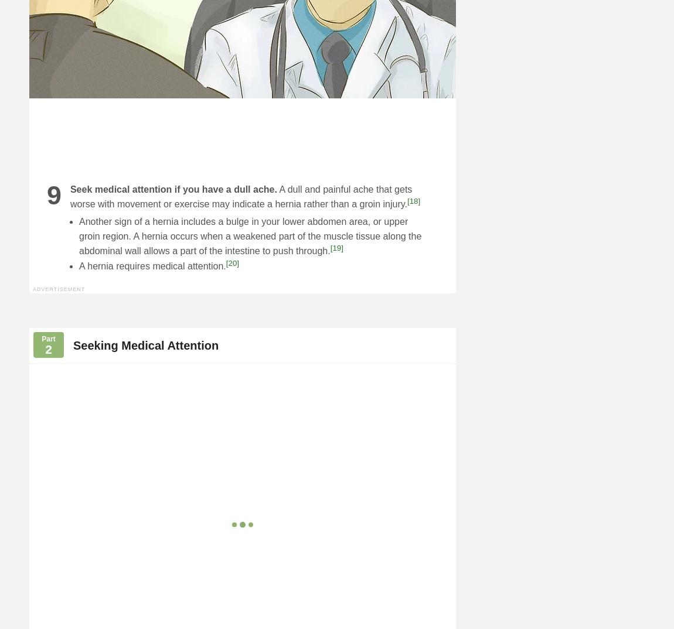  I want to click on '[19]', so click(336, 248).